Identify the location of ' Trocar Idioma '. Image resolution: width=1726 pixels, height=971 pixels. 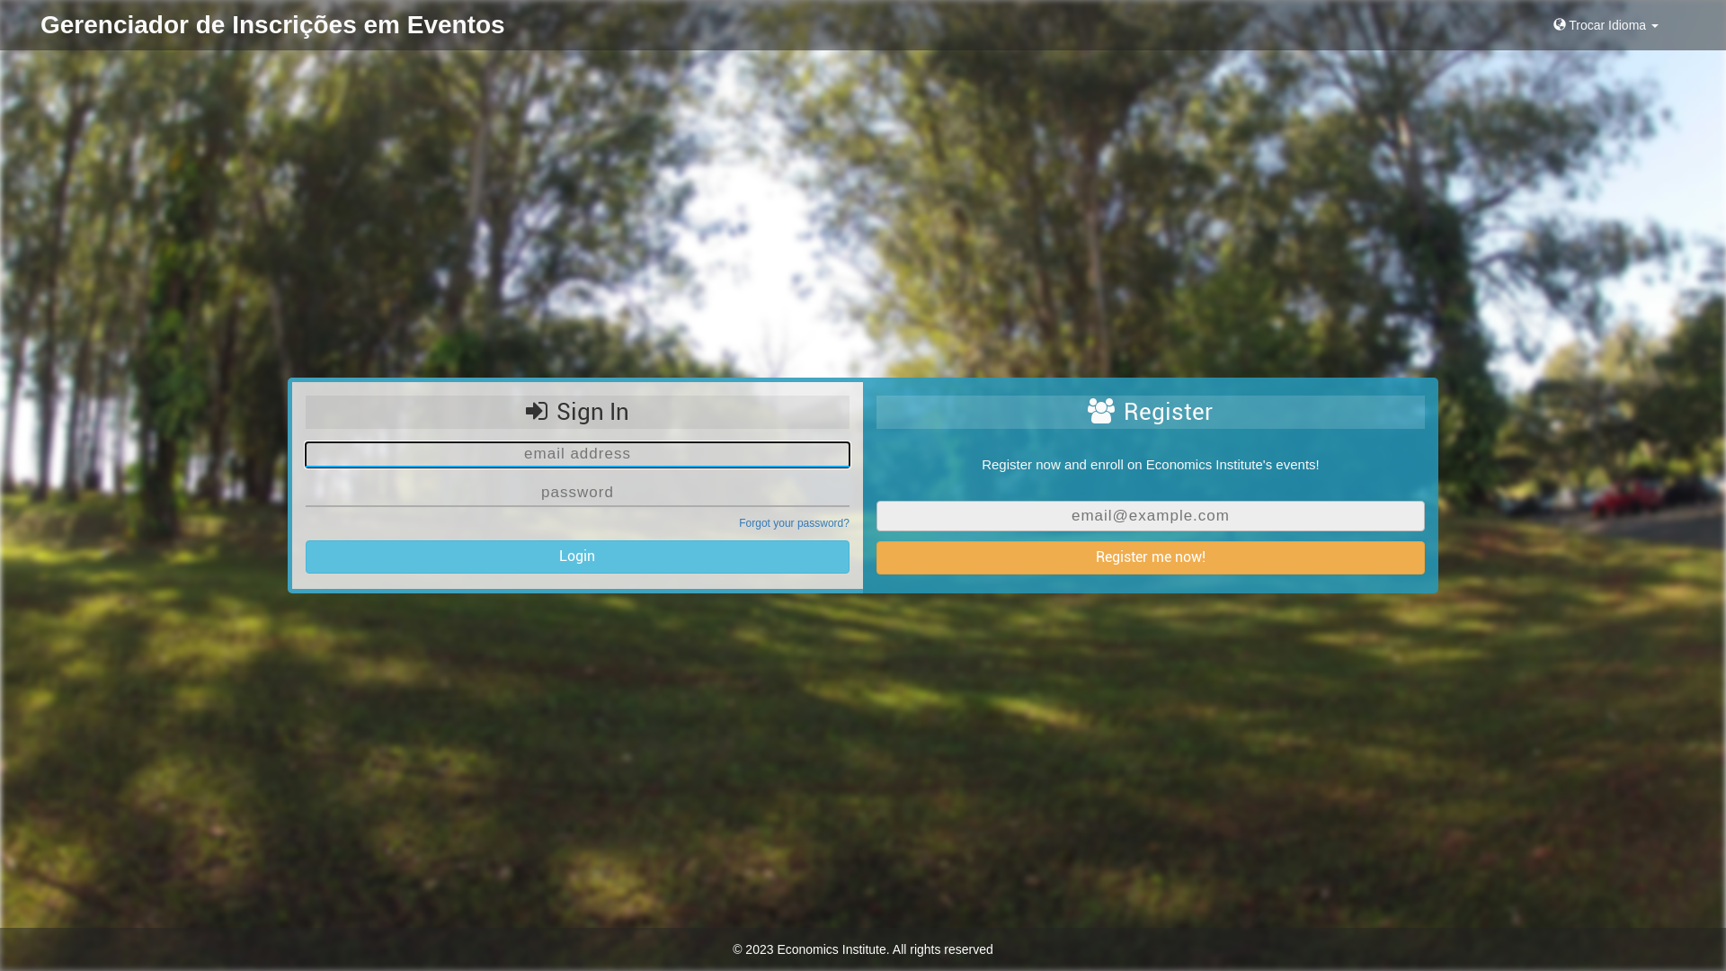
(1606, 24).